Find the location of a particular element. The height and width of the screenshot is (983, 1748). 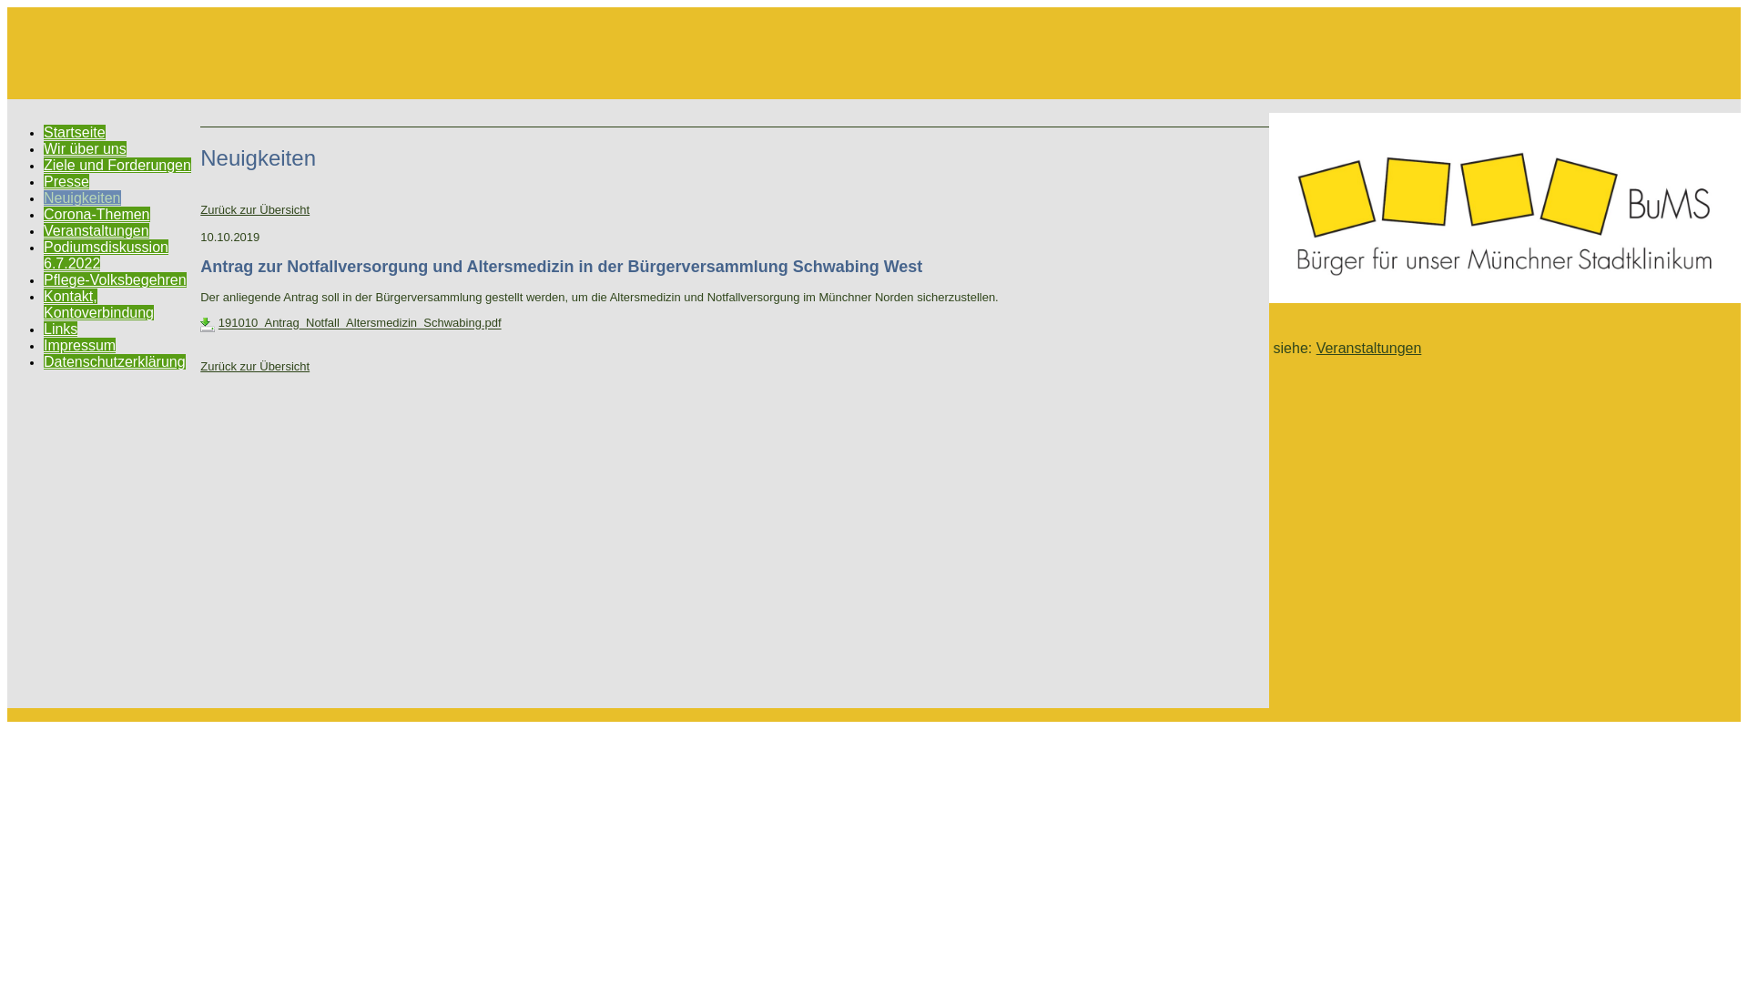

'Impressum' is located at coordinates (78, 345).